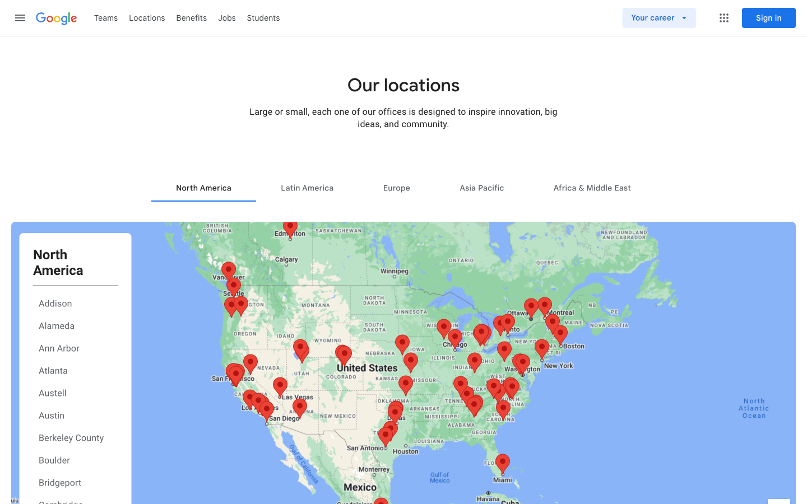 This screenshot has width=807, height=504. I want to click on Check Job Page, so click(106, 17).